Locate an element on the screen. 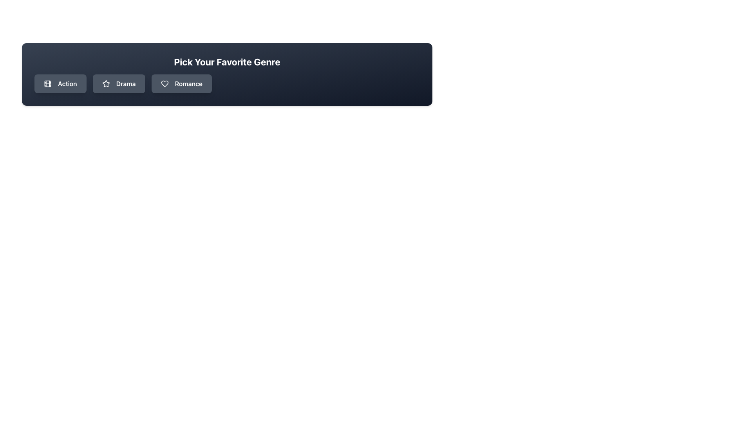 This screenshot has height=423, width=752. the 'Action' button, which is a rectangular button with rounded corners, displaying an icon of a filmstrip and the text 'Action' in white is located at coordinates (60, 83).